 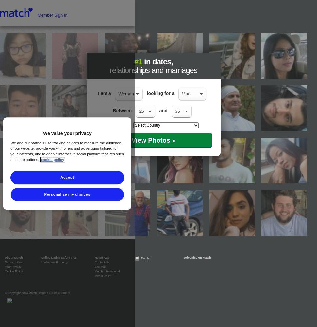 What do you see at coordinates (164, 110) in the screenshot?
I see `'and'` at bounding box center [164, 110].